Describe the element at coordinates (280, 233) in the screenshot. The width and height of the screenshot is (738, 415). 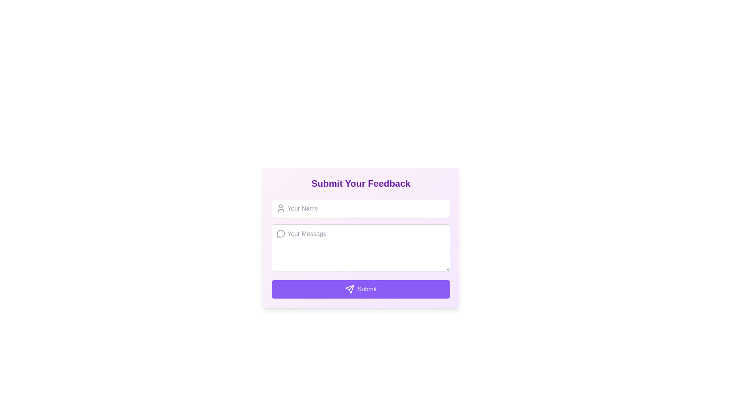
I see `the icon representing communication or feedback located at the top-left corner of the 'Your Message' text input field` at that location.